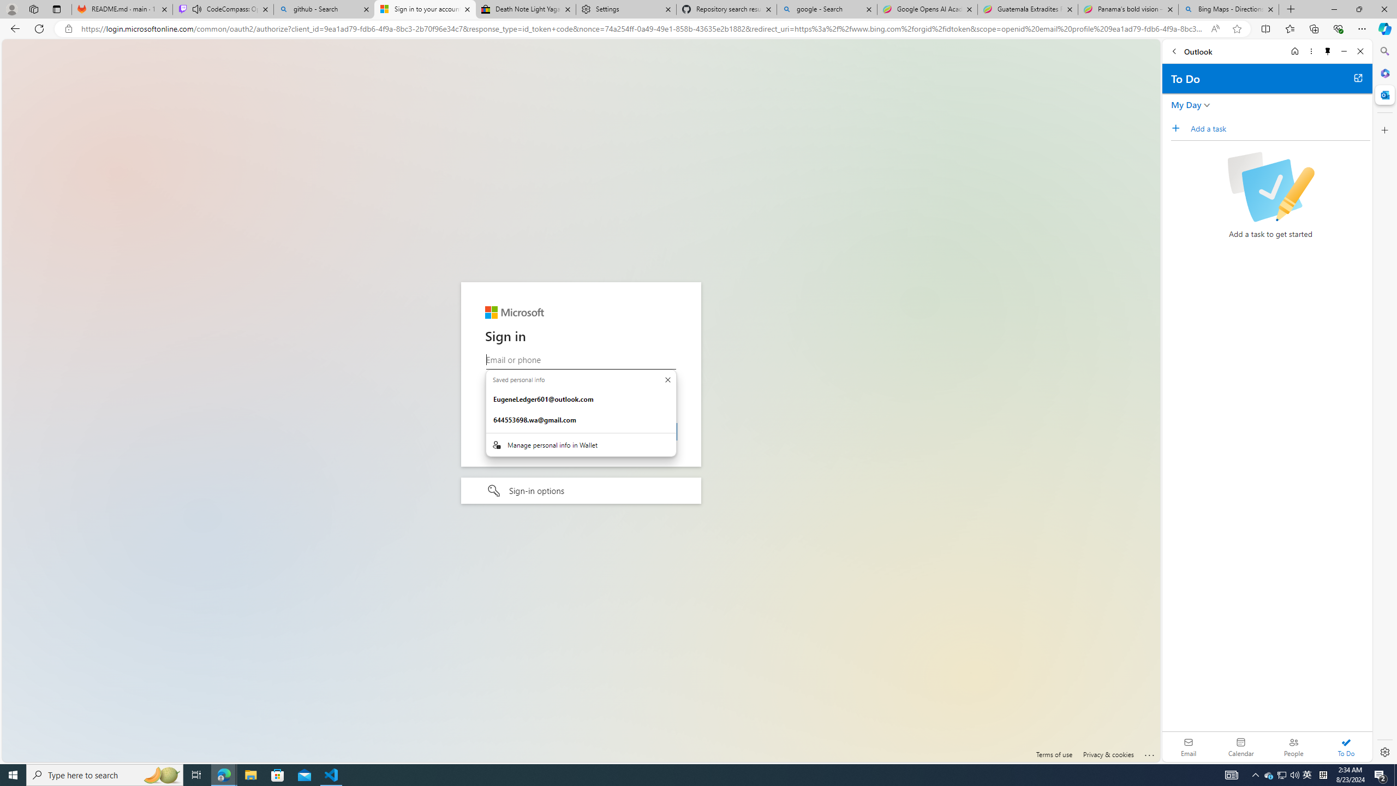 The width and height of the screenshot is (1397, 786). Describe the element at coordinates (1108, 754) in the screenshot. I see `'Privacy & cookies'` at that location.